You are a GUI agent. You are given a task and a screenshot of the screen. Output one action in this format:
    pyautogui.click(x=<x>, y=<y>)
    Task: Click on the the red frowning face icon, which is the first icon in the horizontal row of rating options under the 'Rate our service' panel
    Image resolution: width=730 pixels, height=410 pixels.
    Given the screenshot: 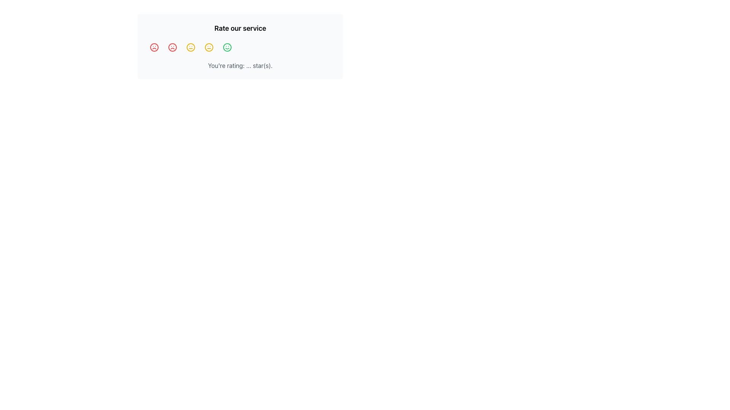 What is the action you would take?
    pyautogui.click(x=154, y=47)
    